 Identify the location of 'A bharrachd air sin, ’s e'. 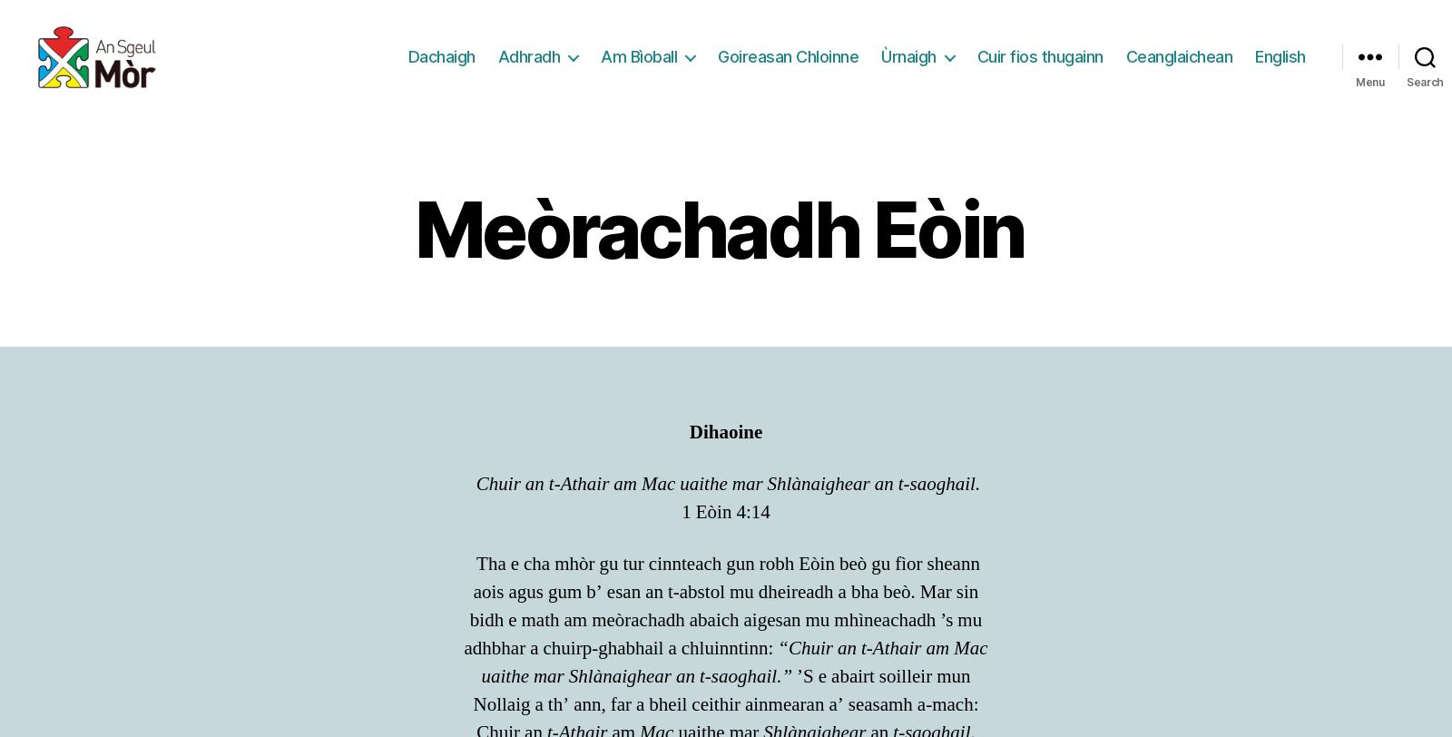
(562, 119).